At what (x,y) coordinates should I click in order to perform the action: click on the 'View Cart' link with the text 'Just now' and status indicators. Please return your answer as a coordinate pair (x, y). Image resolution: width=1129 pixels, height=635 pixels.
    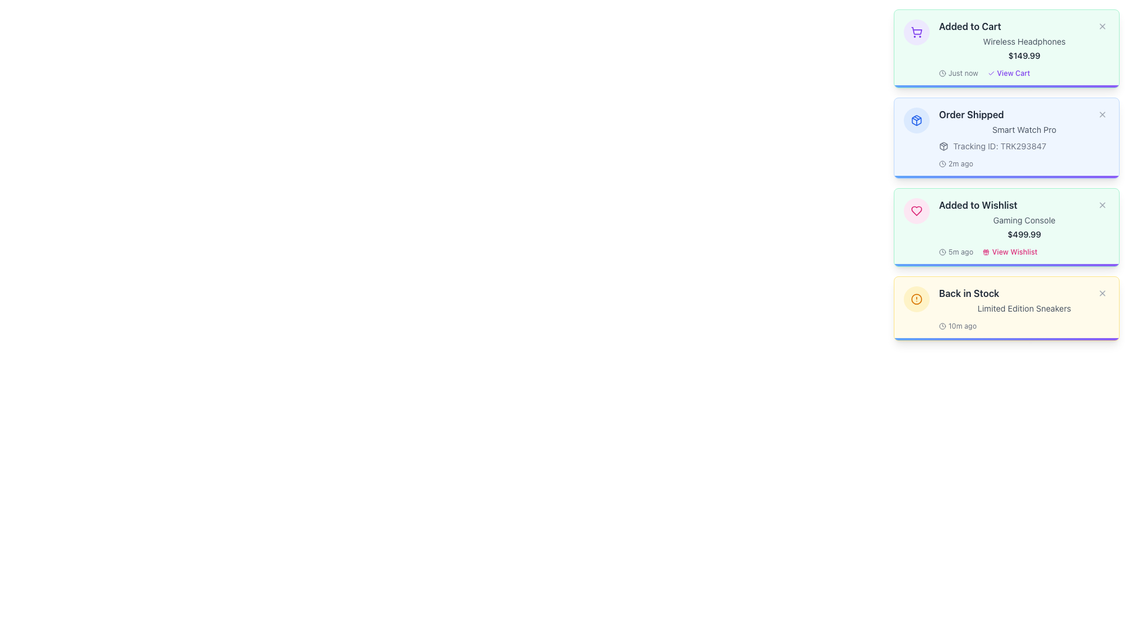
    Looking at the image, I should click on (1024, 73).